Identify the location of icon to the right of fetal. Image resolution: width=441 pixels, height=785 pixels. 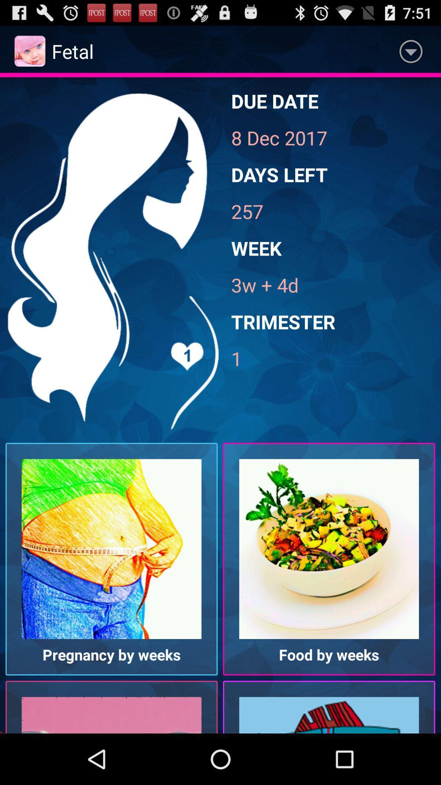
(411, 51).